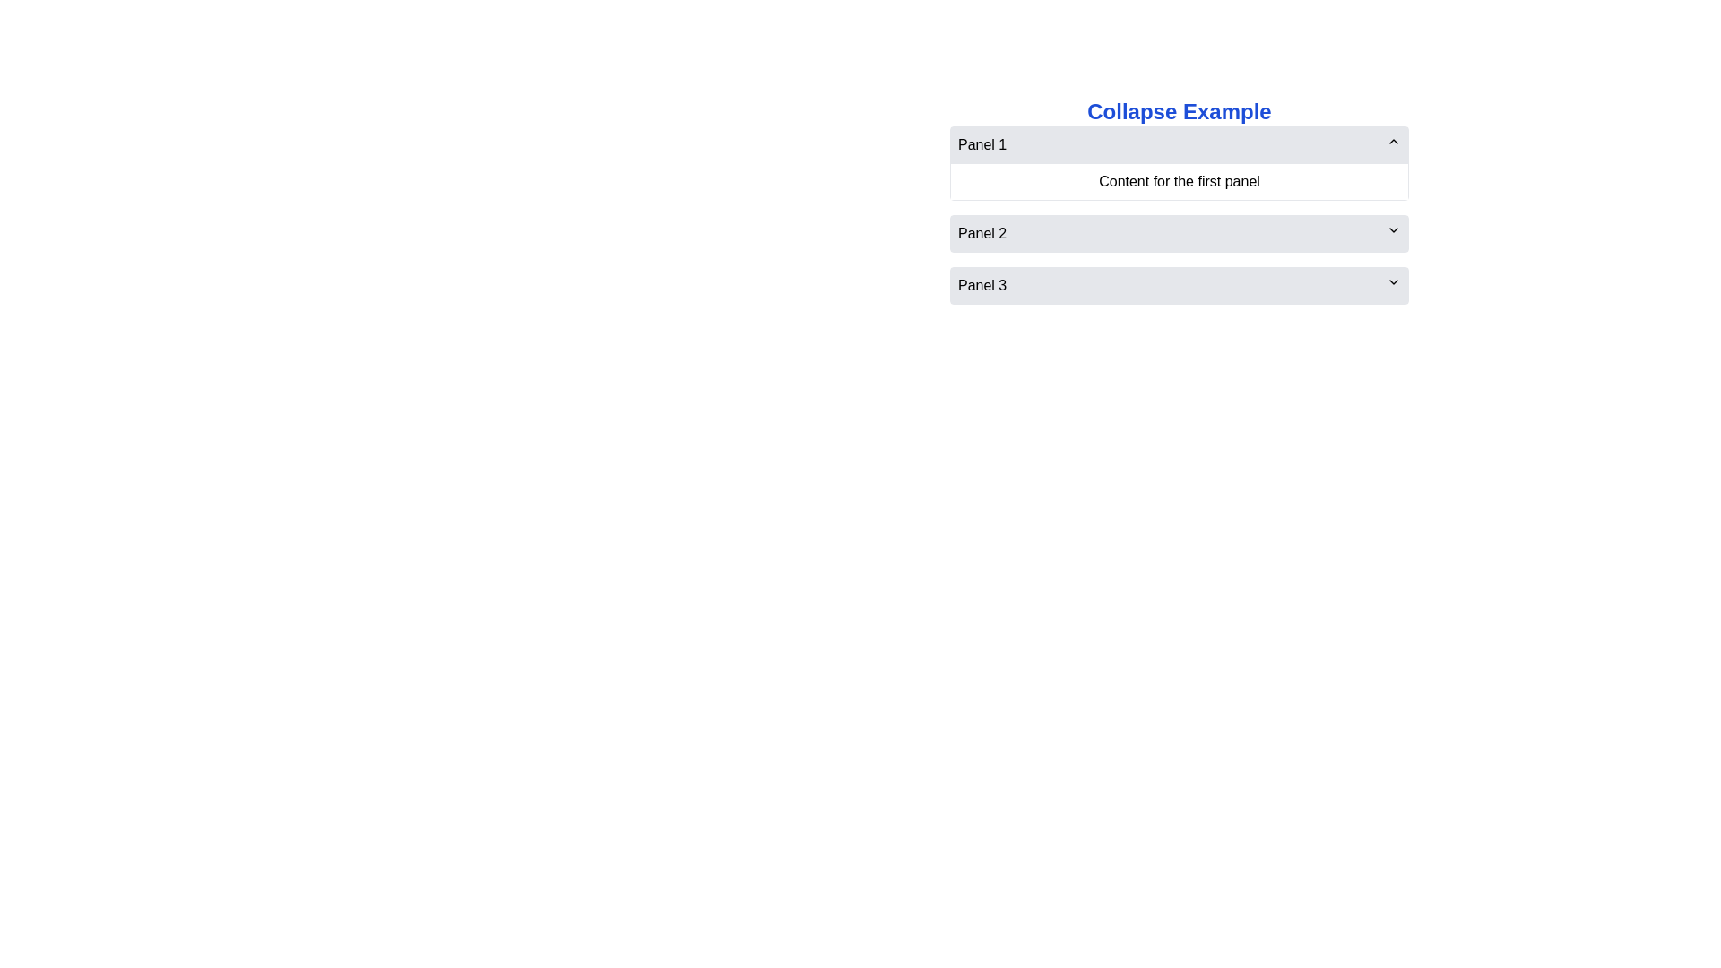 The image size is (1721, 968). I want to click on the Chevron Down icon located to the far right of the 'Panel 3' bar, so click(1393, 282).